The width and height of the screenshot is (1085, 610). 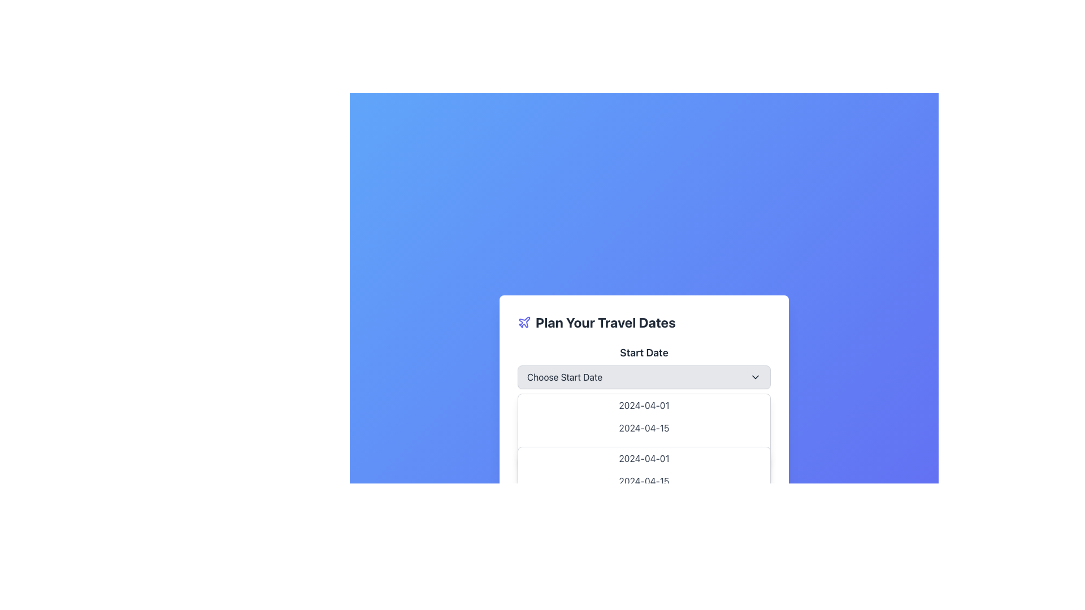 I want to click on the airplane icon, which is outlined in indigo and located to the left of the text 'Plan Your Travel Dates', so click(x=523, y=322).